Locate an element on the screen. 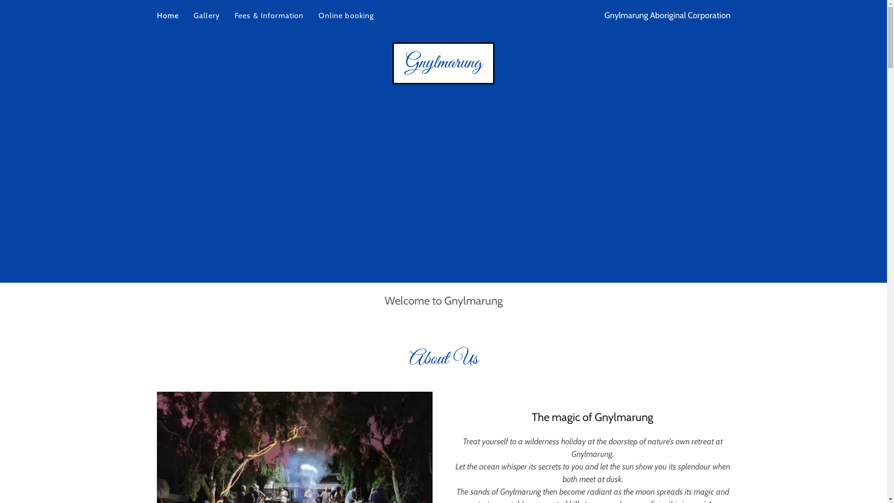 Image resolution: width=894 pixels, height=503 pixels. 'Fees & Information' is located at coordinates (268, 16).